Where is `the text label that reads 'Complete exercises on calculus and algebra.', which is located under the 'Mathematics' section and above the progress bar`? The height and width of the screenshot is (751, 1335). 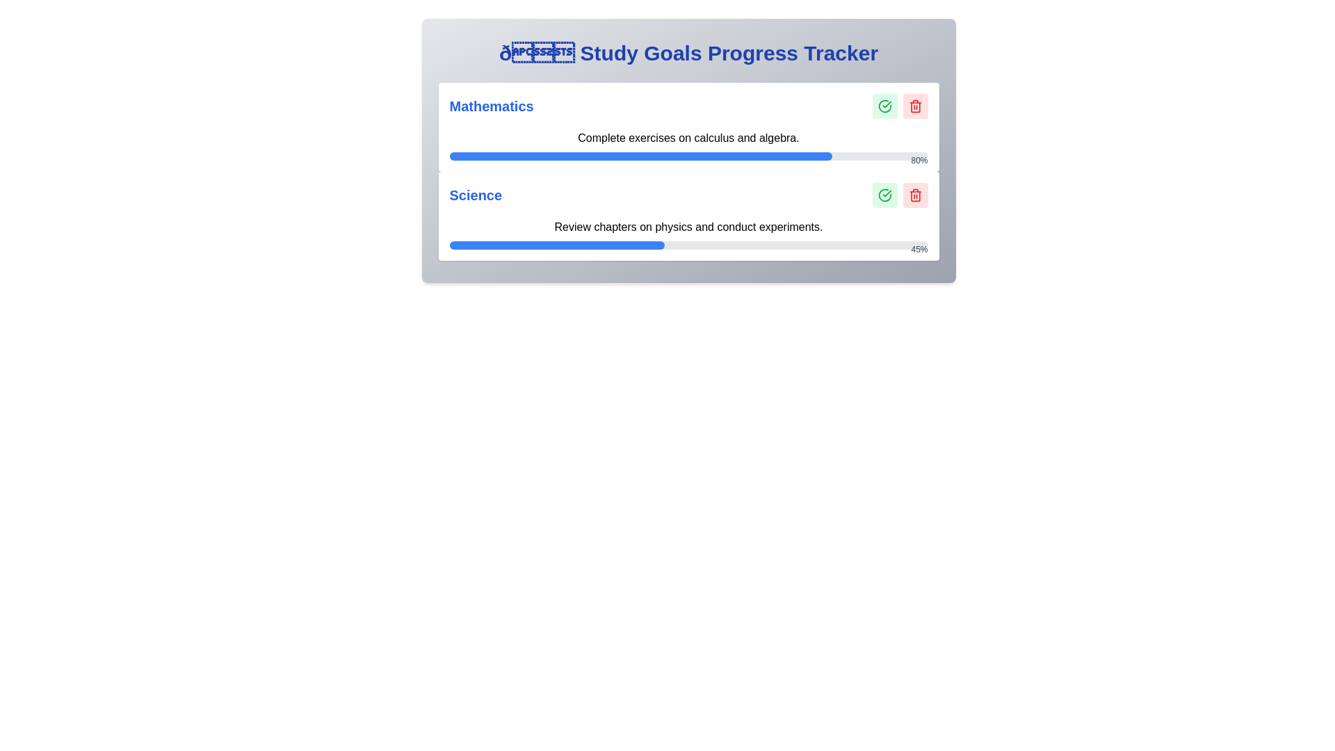 the text label that reads 'Complete exercises on calculus and algebra.', which is located under the 'Mathematics' section and above the progress bar is located at coordinates (688, 138).